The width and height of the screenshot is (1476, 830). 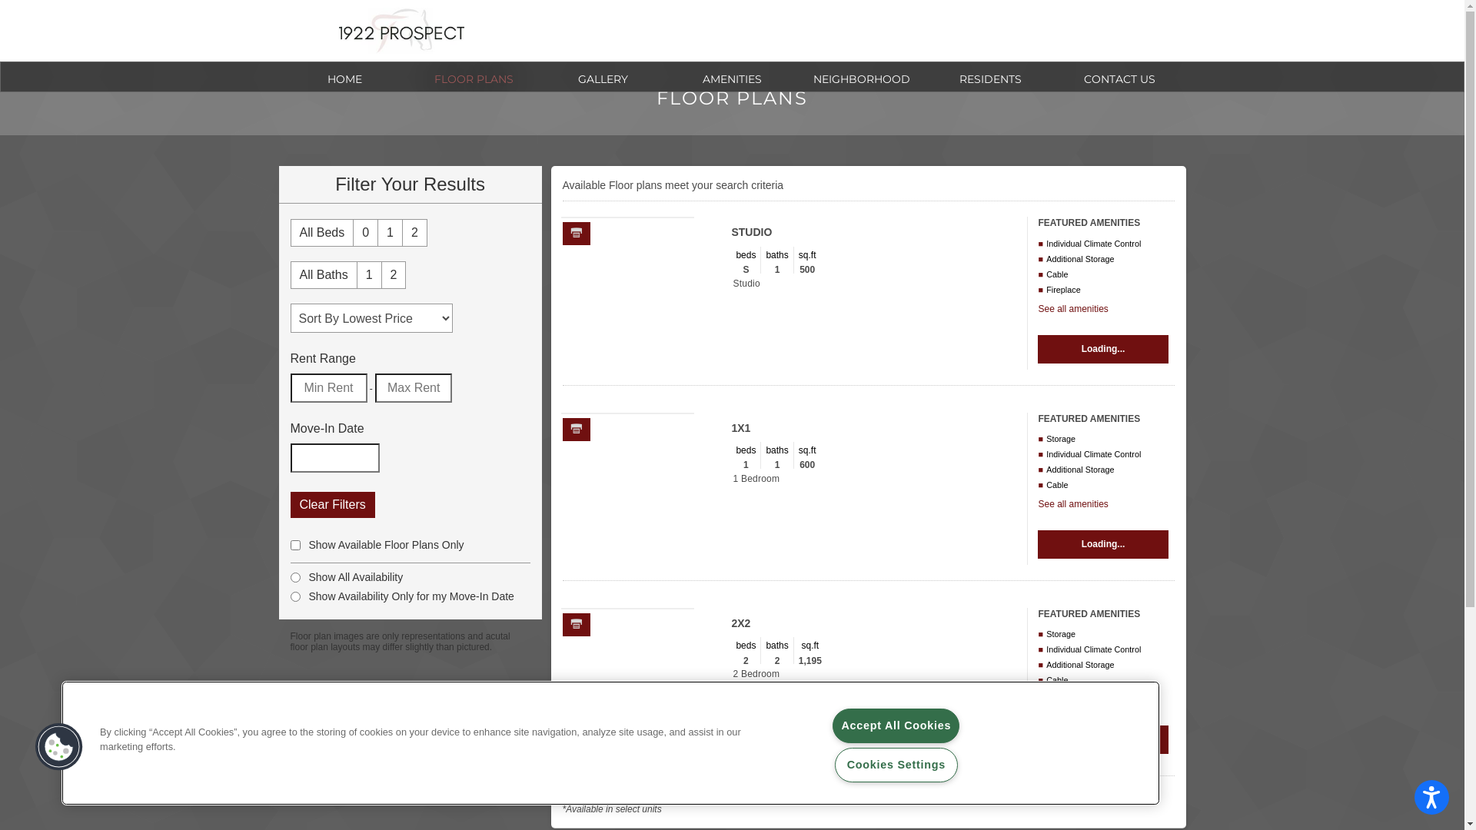 What do you see at coordinates (58, 746) in the screenshot?
I see `'Cookies Button'` at bounding box center [58, 746].